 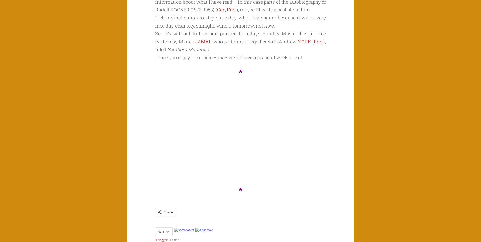 I want to click on 'Southern Magnolia', so click(x=188, y=49).